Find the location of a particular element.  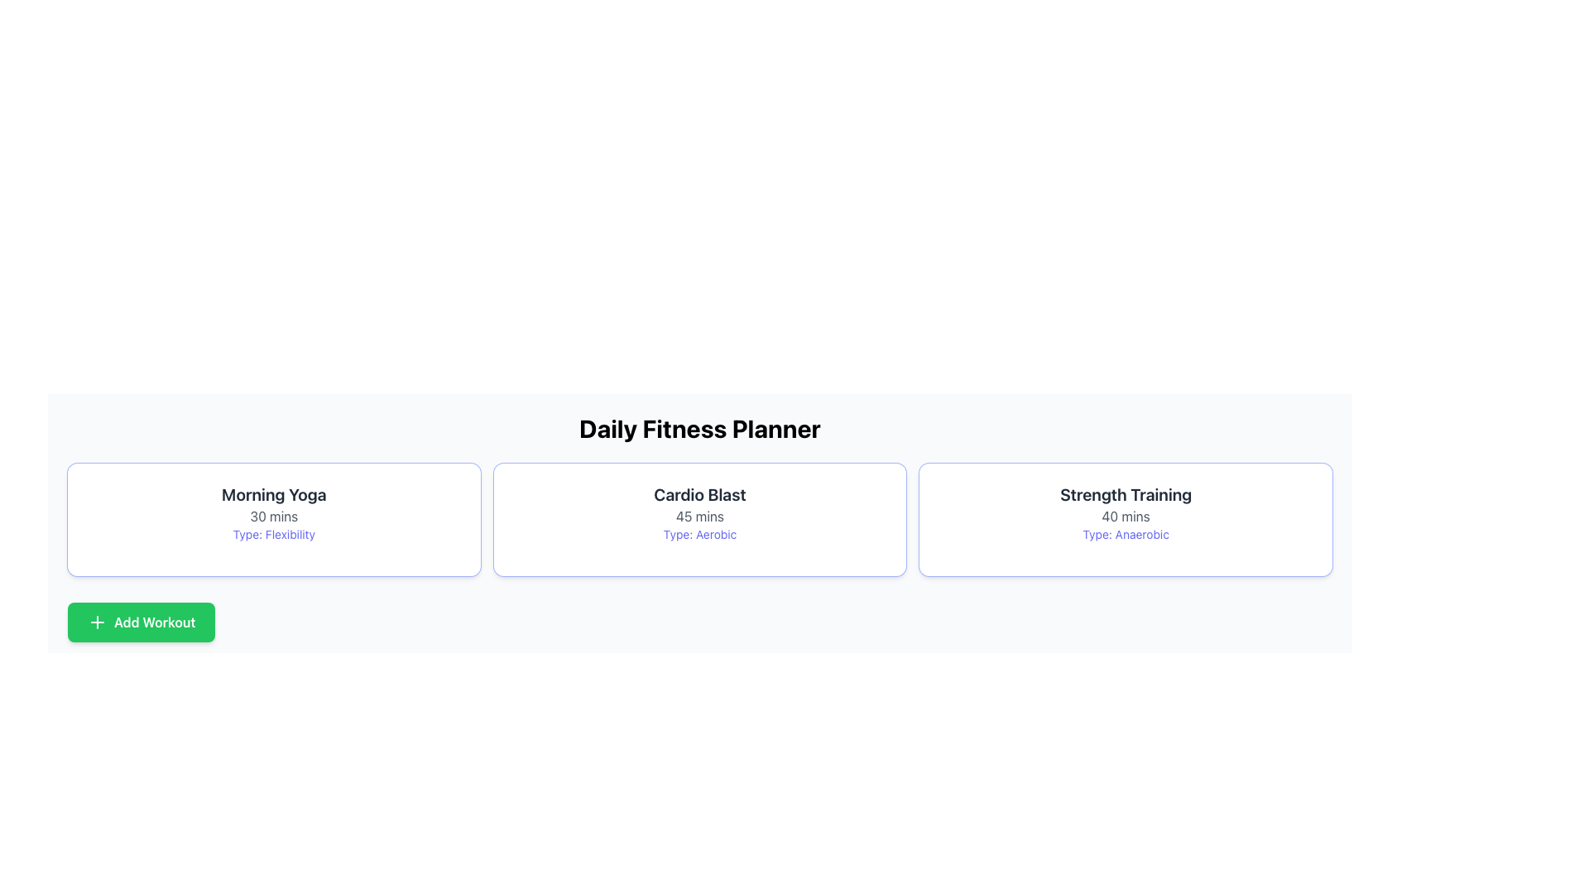

the text block containing 'Cardio Blast', '45 mins', and 'Type: Aerobic' is located at coordinates (699, 512).